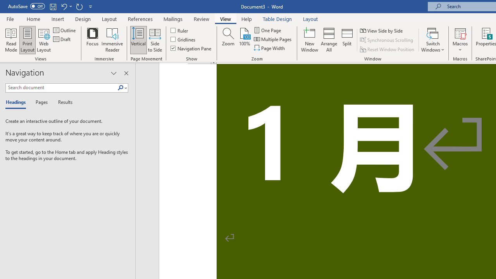 The width and height of the screenshot is (496, 279). I want to click on 'Design', so click(83, 19).